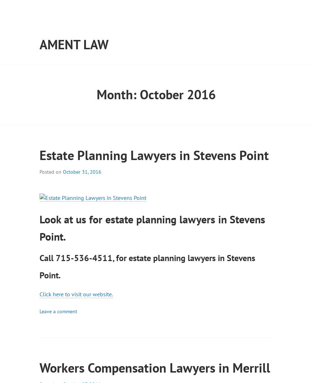 The height and width of the screenshot is (383, 312). I want to click on 'Ament Law', so click(74, 44).